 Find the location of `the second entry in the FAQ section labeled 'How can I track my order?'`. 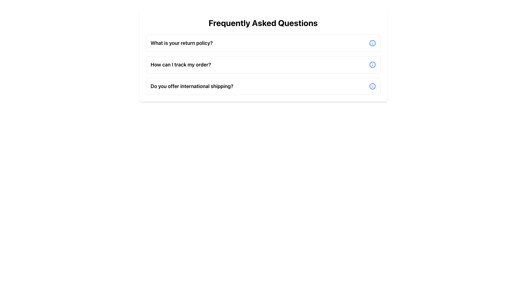

the second entry in the FAQ section labeled 'How can I track my order?' is located at coordinates (263, 65).